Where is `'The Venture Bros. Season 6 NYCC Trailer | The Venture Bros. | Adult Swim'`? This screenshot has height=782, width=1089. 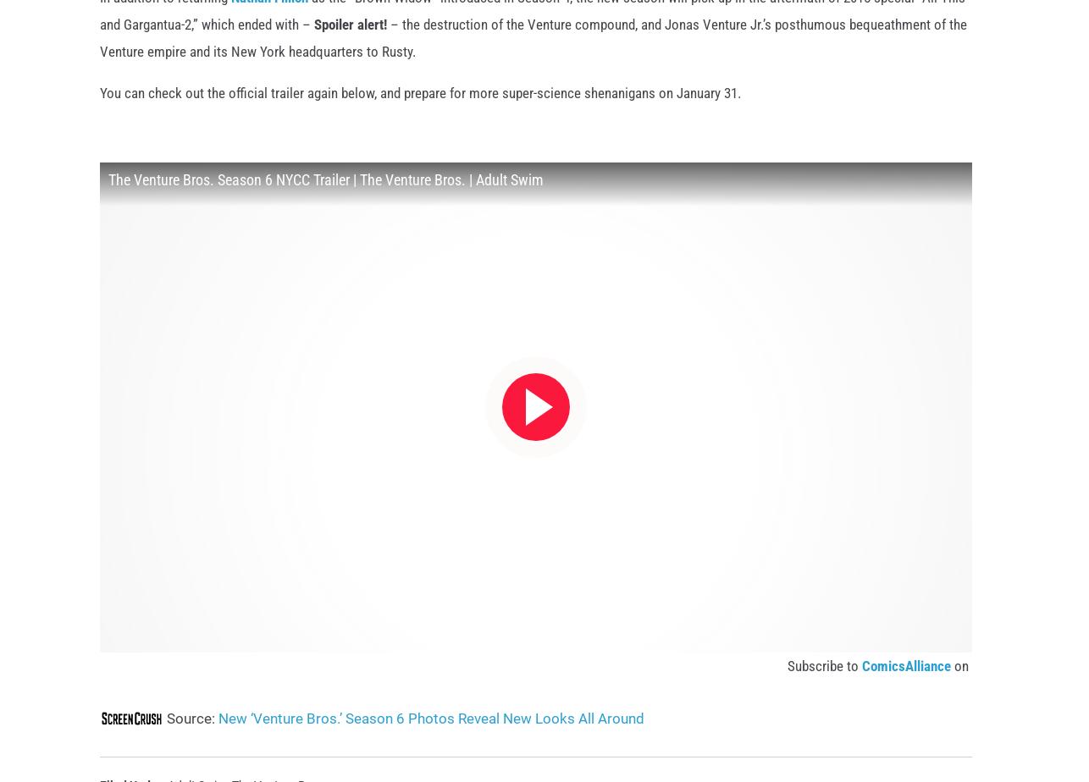 'The Venture Bros. Season 6 NYCC Trailer | The Venture Bros. | Adult Swim' is located at coordinates (325, 206).